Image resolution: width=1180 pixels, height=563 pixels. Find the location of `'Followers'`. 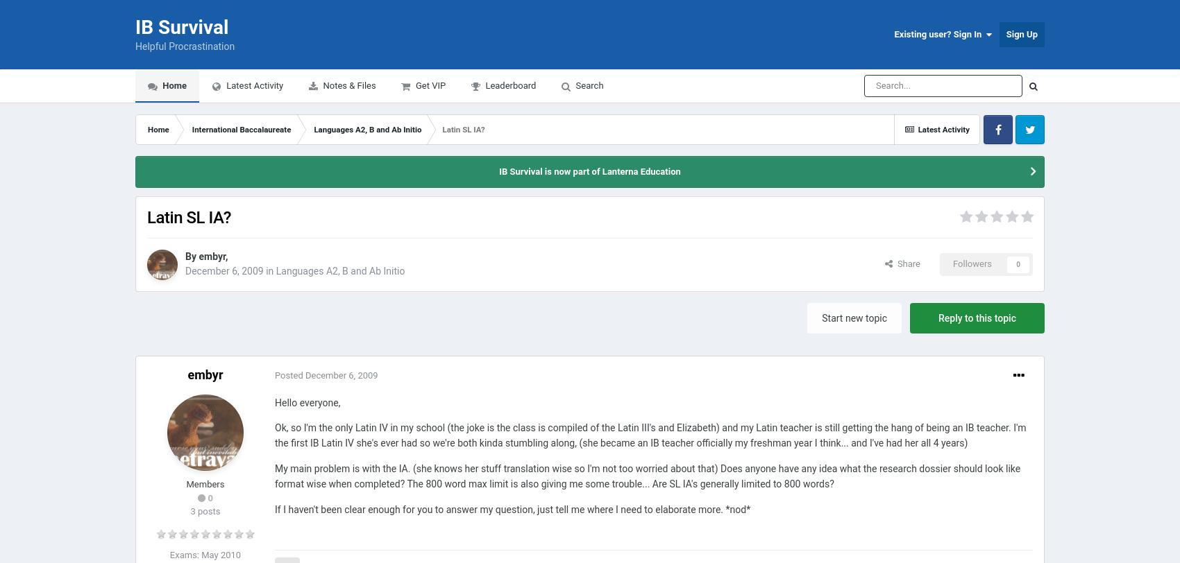

'Followers' is located at coordinates (971, 263).